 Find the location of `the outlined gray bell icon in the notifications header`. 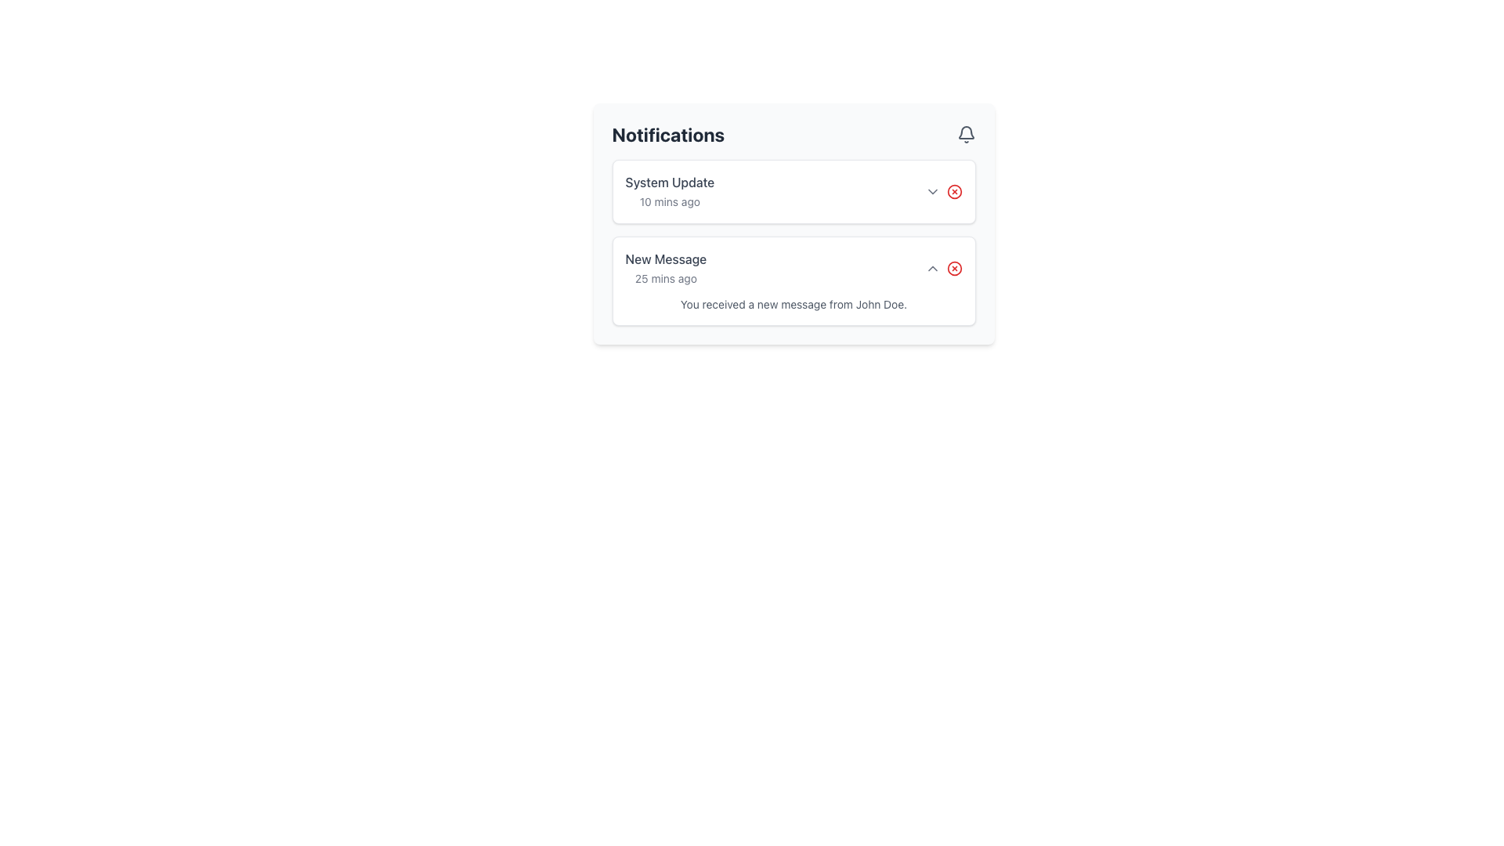

the outlined gray bell icon in the notifications header is located at coordinates (965, 134).